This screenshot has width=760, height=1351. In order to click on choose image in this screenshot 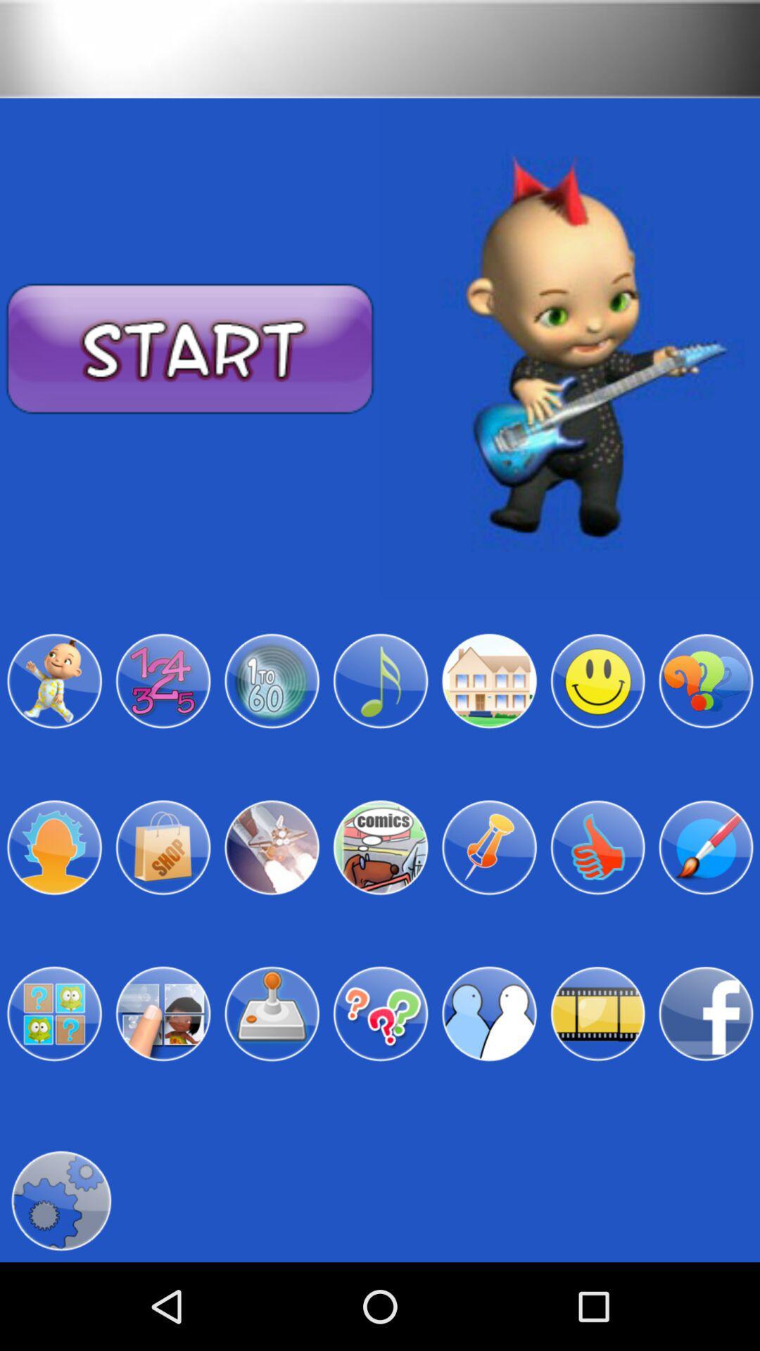, I will do `click(53, 846)`.